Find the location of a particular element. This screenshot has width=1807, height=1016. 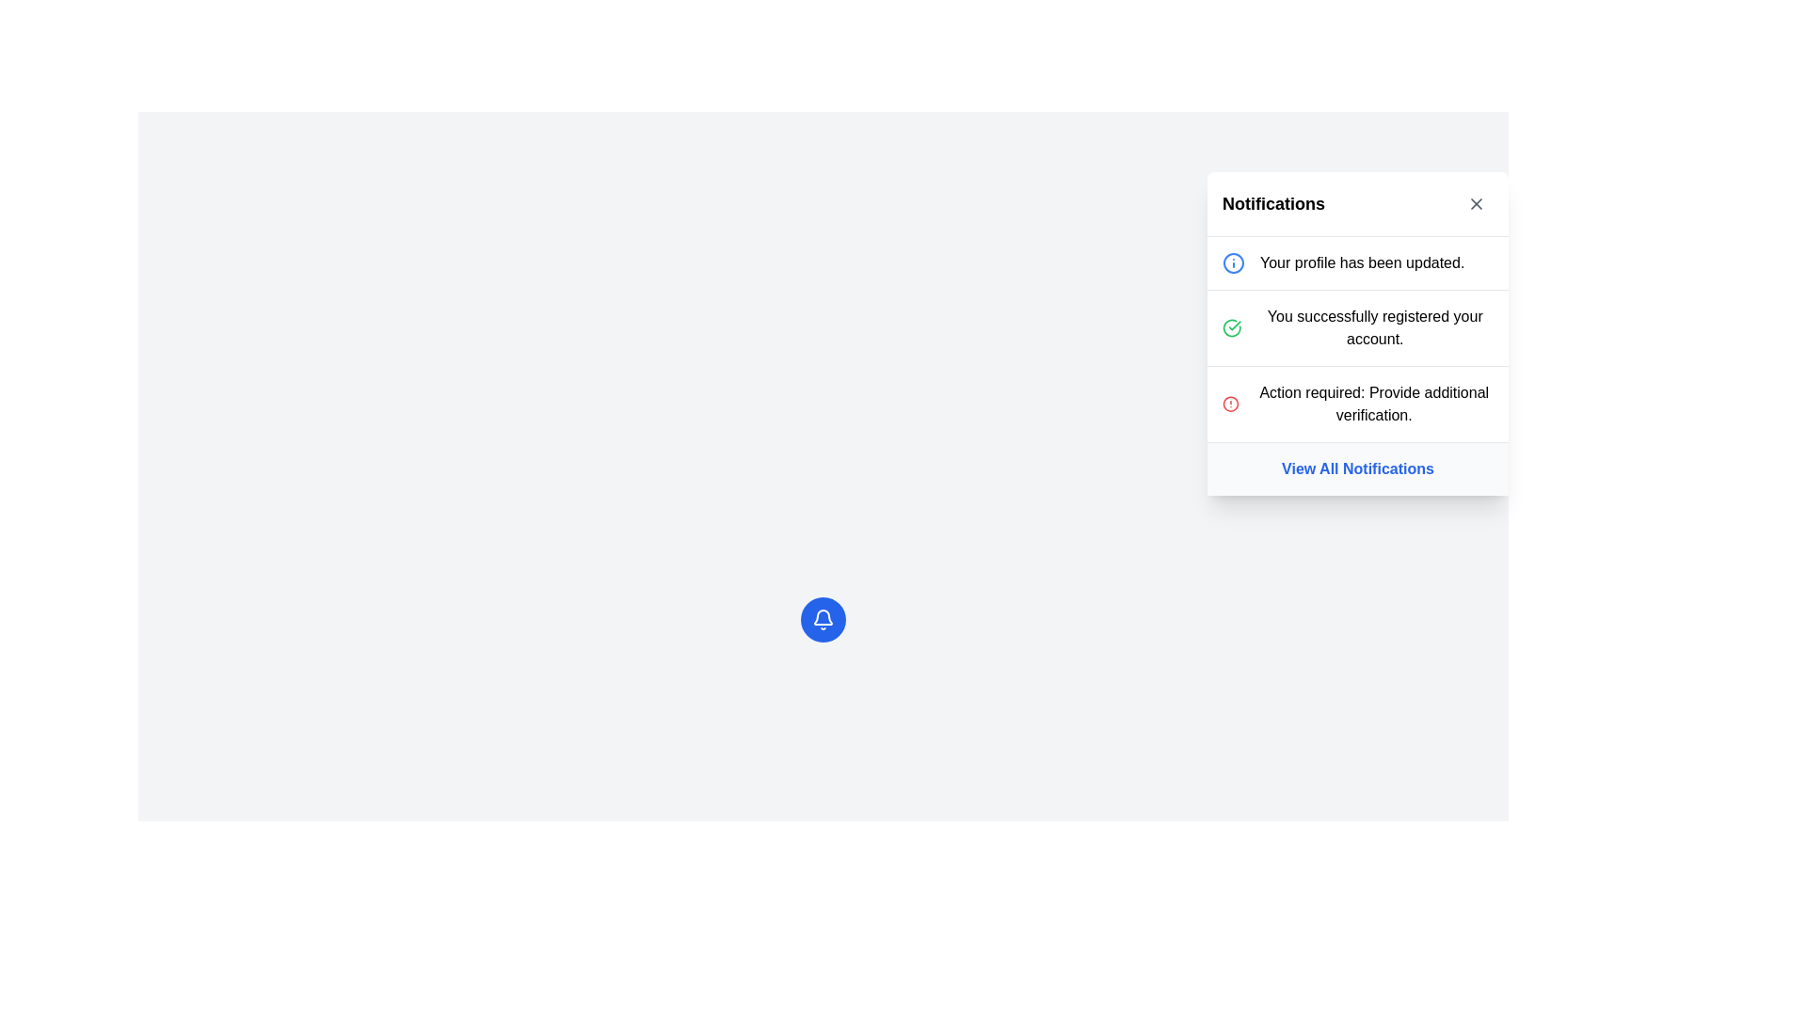

an individual notification in the notification group located below the 'Notifications' title and above the 'View All Notifications' link is located at coordinates (1358, 340).